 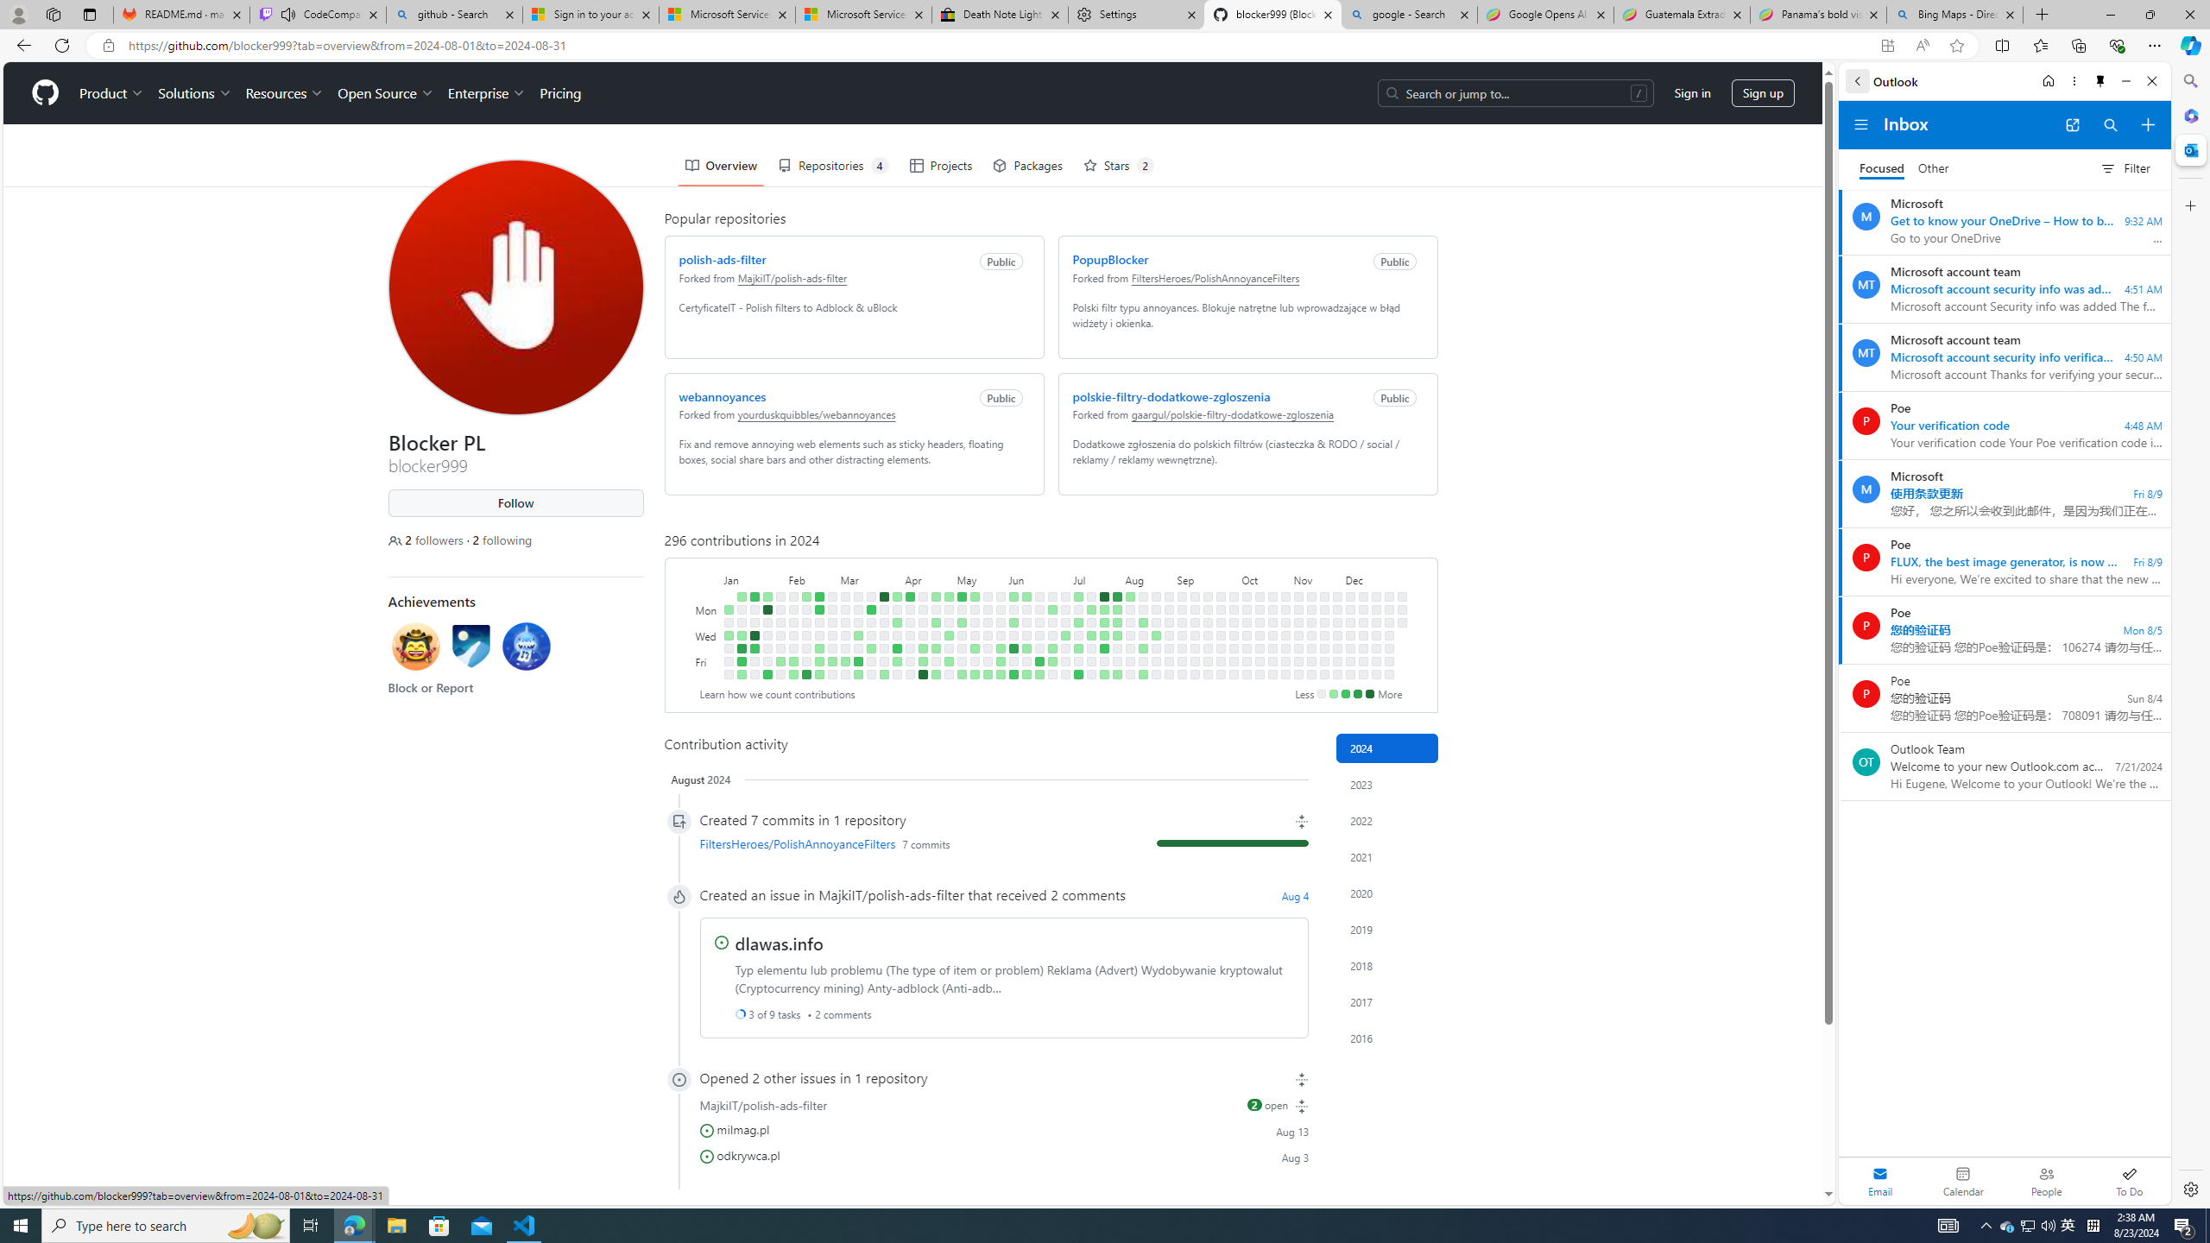 I want to click on 'No contributions on November 16th.', so click(x=1311, y=674).